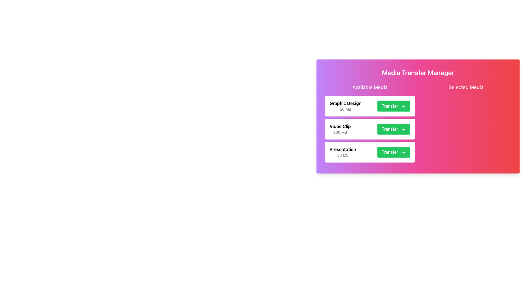 The height and width of the screenshot is (296, 527). I want to click on the 'Graphic Design' text label in the 'Available Media' section of the 'Media Transfer Manager', which displays 'Graphic Design' in bold and '50 MB' below it, so click(345, 106).